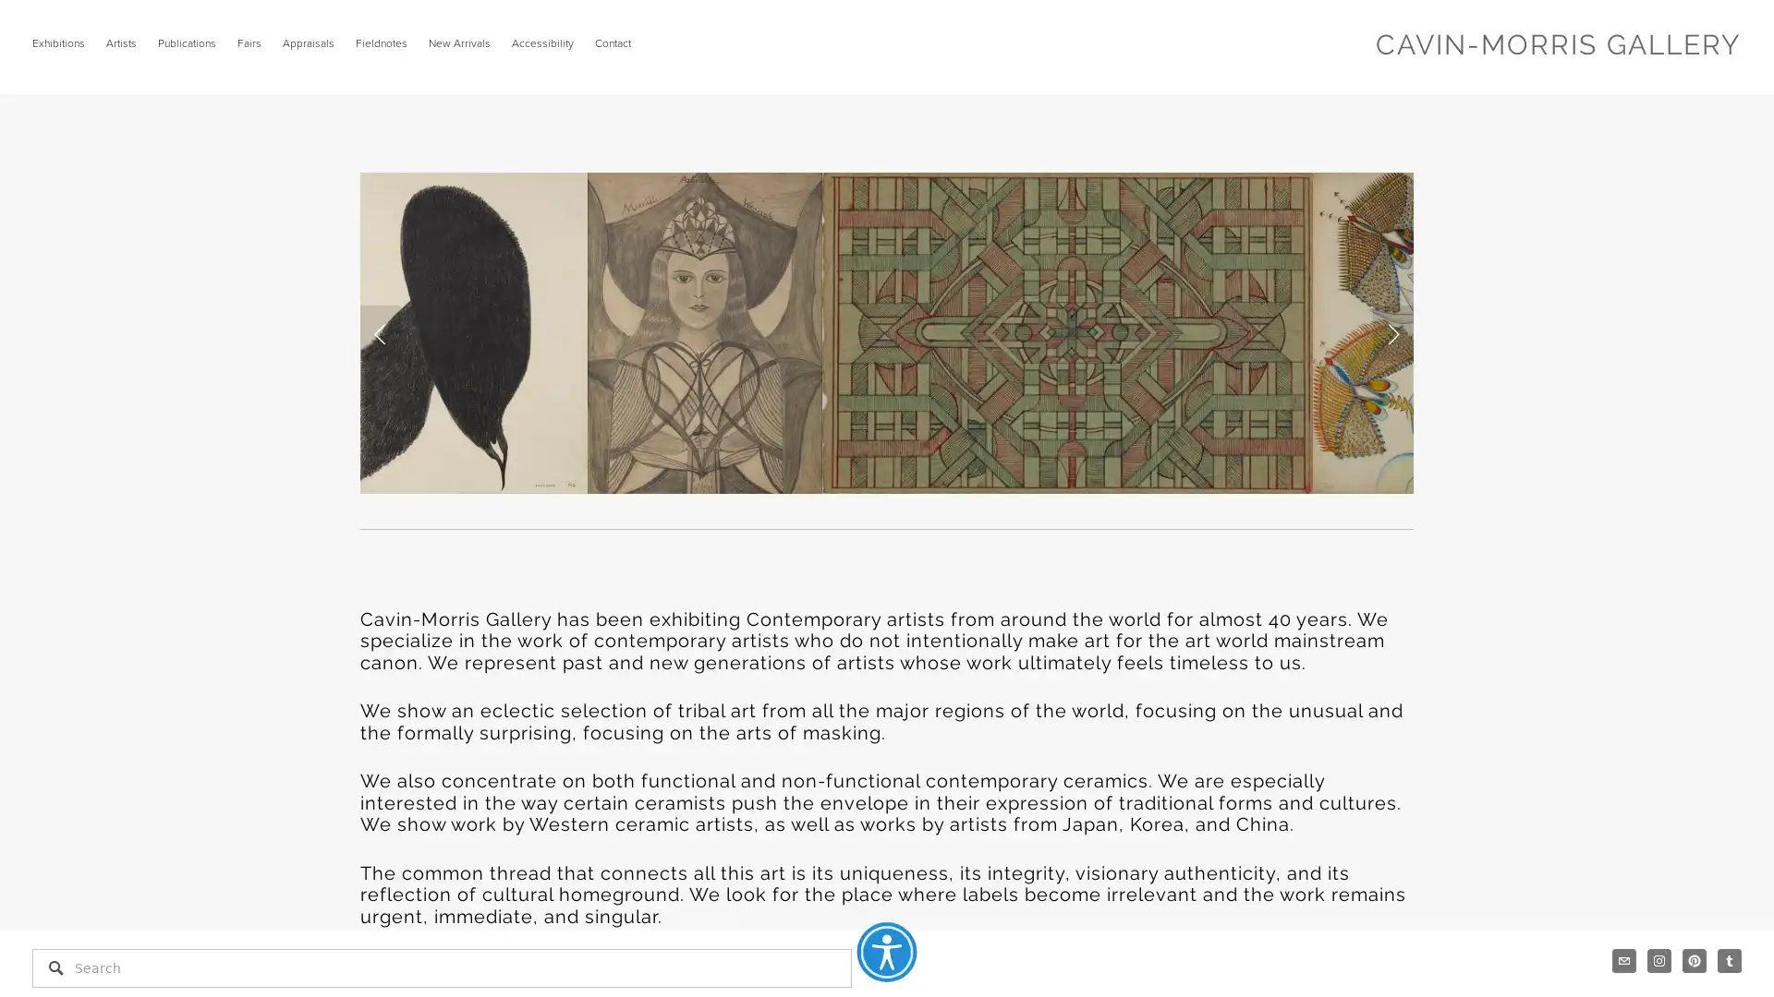  I want to click on Accessibility Menu, so click(885, 952).